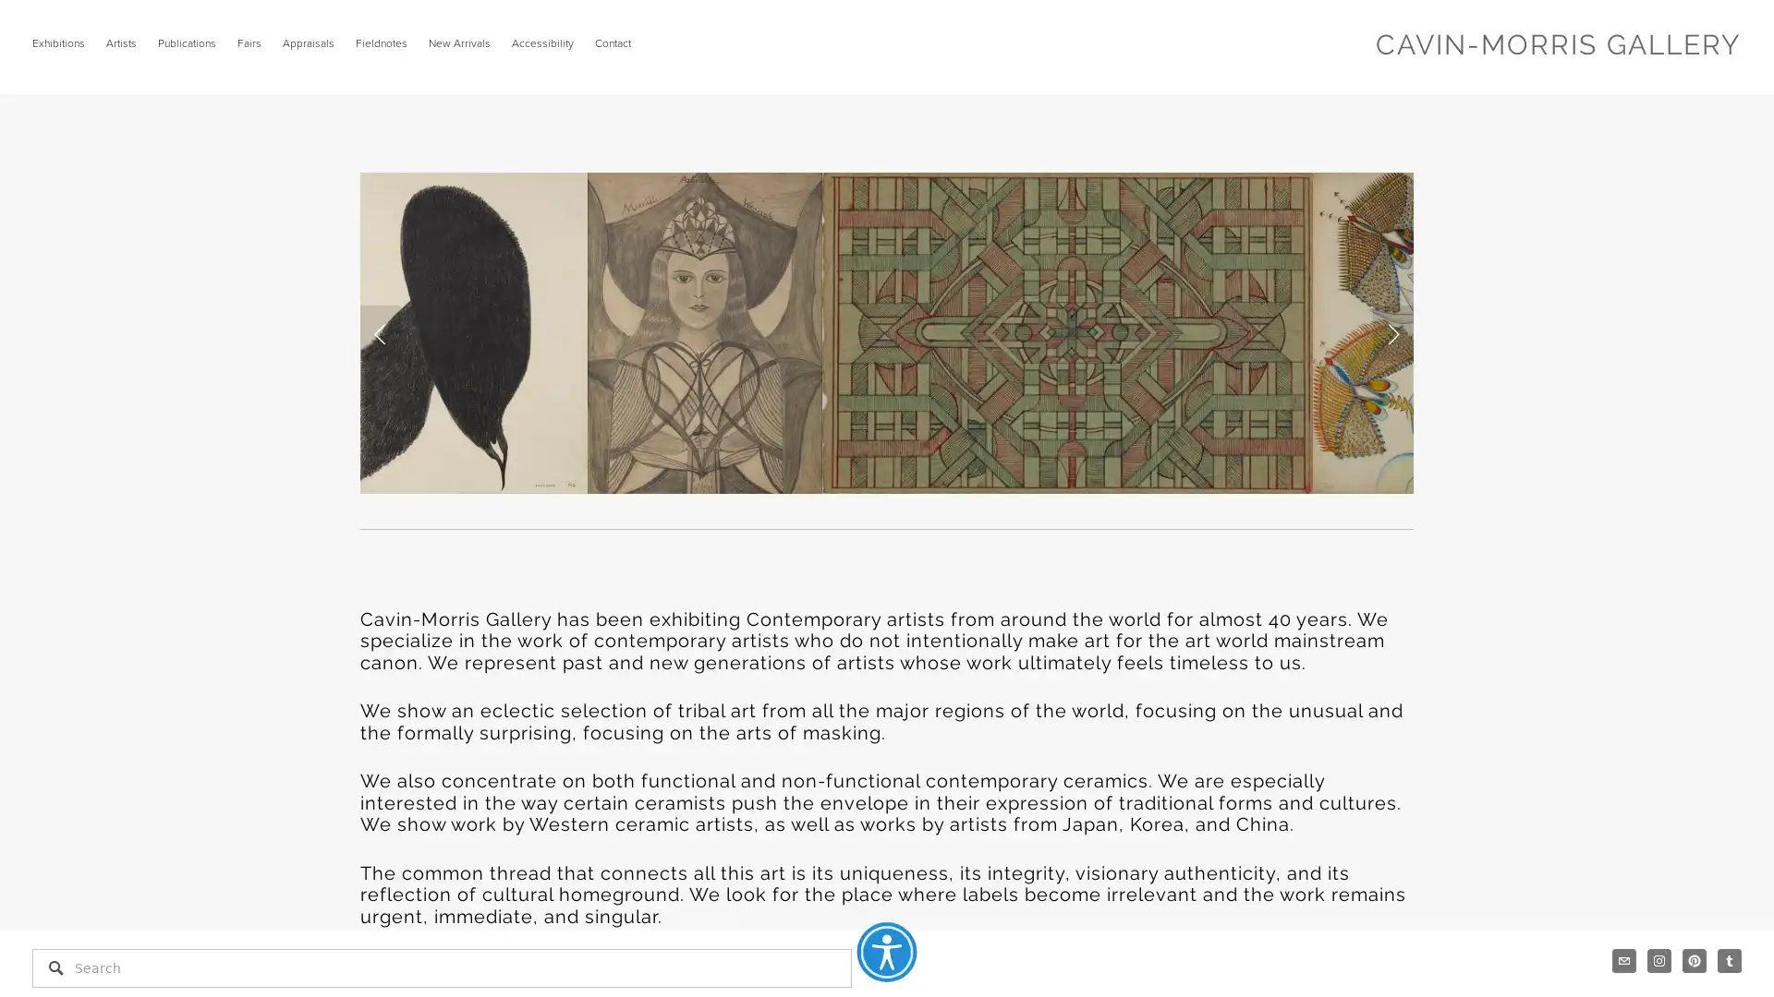  I want to click on Accessibility Menu, so click(885, 952).